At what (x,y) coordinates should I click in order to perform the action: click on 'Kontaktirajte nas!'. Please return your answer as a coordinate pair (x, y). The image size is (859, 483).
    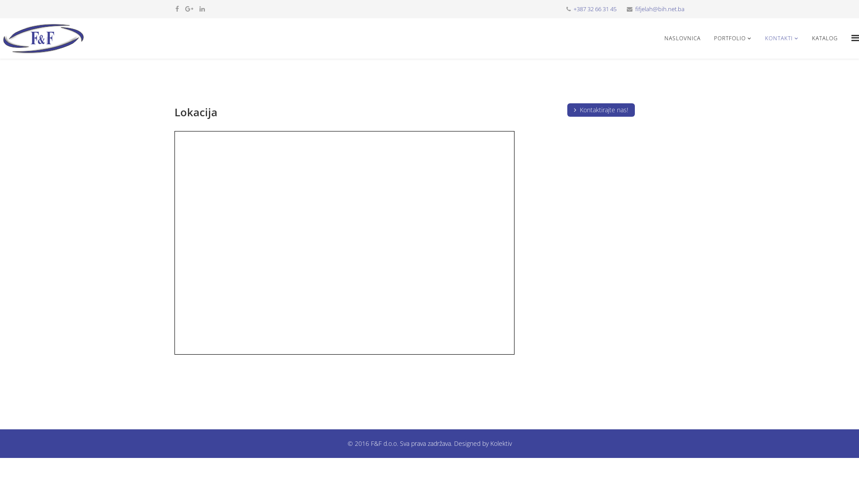
    Looking at the image, I should click on (601, 110).